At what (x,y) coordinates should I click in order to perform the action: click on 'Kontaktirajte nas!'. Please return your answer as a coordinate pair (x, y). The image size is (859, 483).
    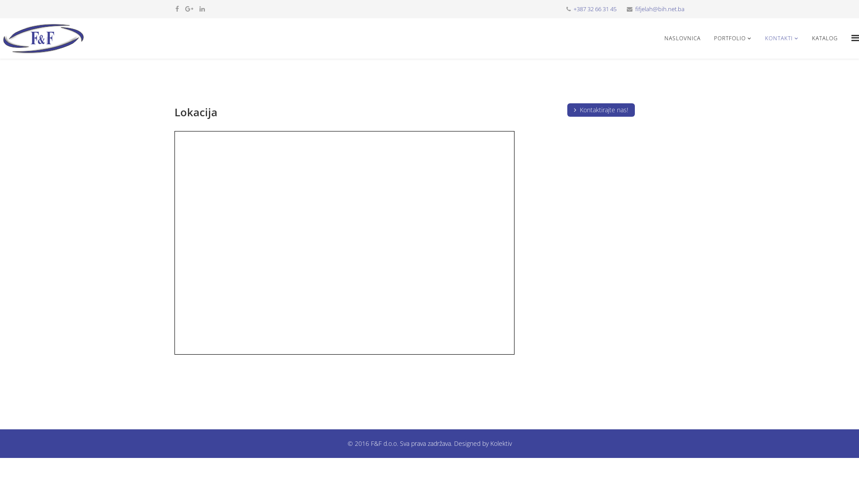
    Looking at the image, I should click on (601, 110).